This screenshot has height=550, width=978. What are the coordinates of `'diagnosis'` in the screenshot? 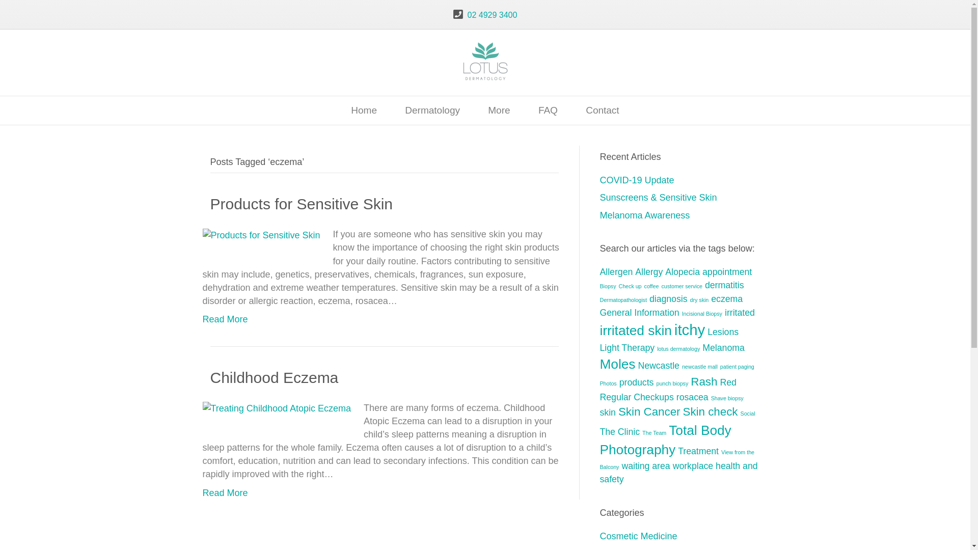 It's located at (649, 298).